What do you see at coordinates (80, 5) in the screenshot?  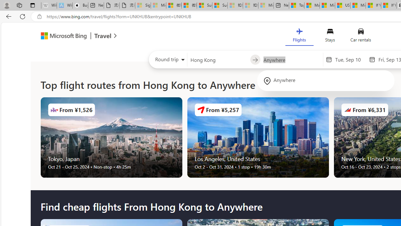 I see `'Buy iPad - Apple'` at bounding box center [80, 5].